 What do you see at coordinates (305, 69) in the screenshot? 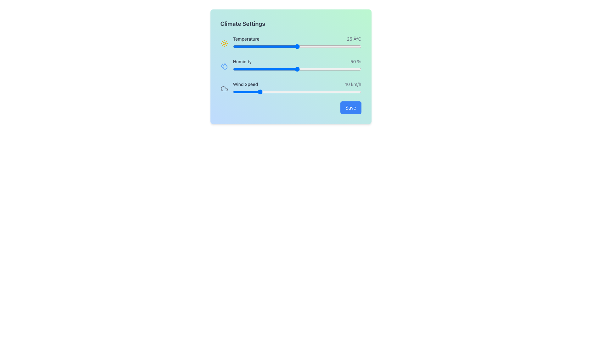
I see `the humidity` at bounding box center [305, 69].